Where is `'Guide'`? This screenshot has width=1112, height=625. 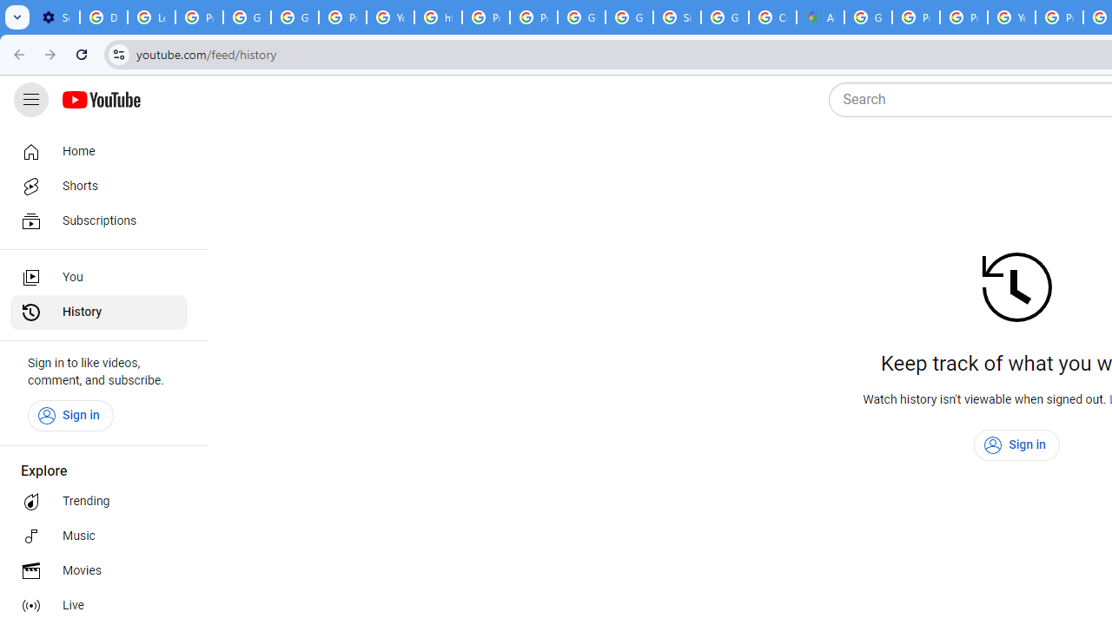 'Guide' is located at coordinates (30, 100).